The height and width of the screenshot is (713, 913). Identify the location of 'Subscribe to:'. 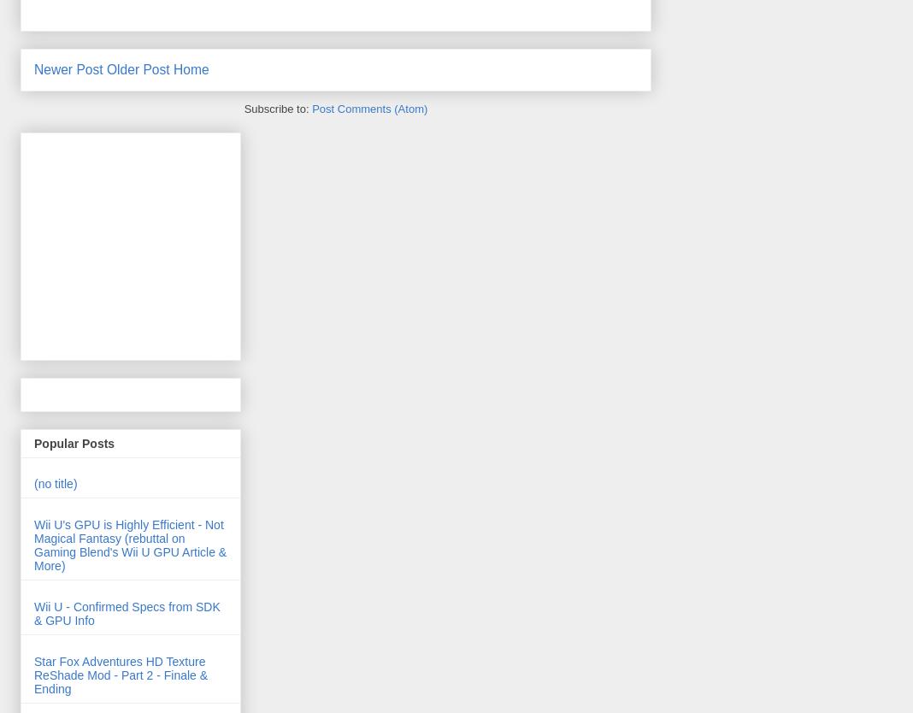
(276, 107).